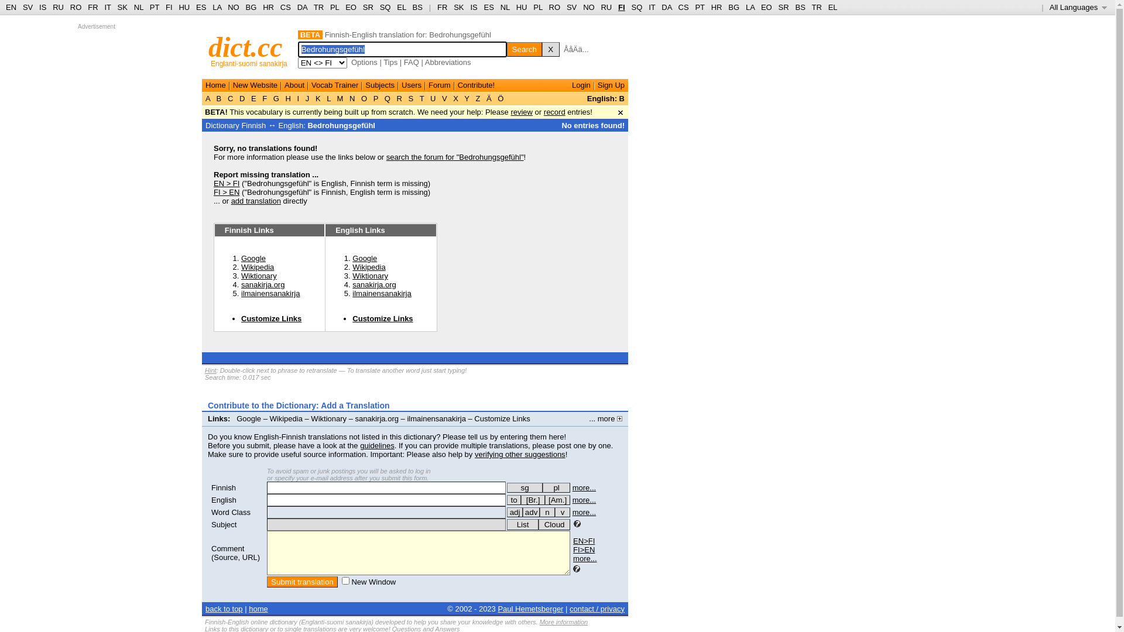 The width and height of the screenshot is (1124, 632). I want to click on 'for verbs', so click(514, 500).